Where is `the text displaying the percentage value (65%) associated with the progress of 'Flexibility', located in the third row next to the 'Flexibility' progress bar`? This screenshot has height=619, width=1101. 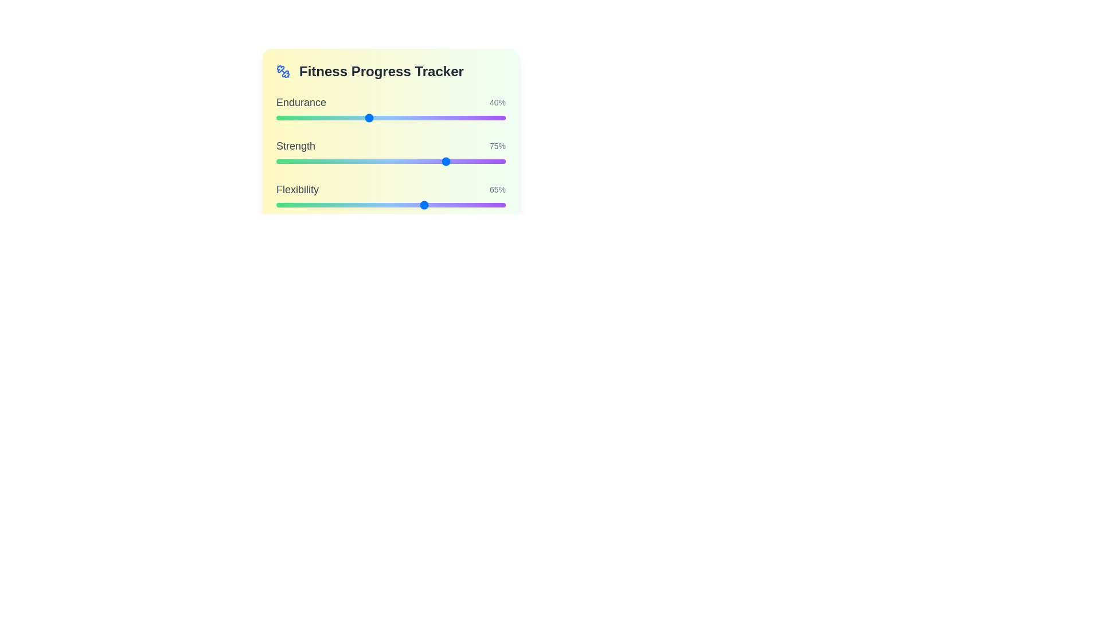 the text displaying the percentage value (65%) associated with the progress of 'Flexibility', located in the third row next to the 'Flexibility' progress bar is located at coordinates (498, 189).